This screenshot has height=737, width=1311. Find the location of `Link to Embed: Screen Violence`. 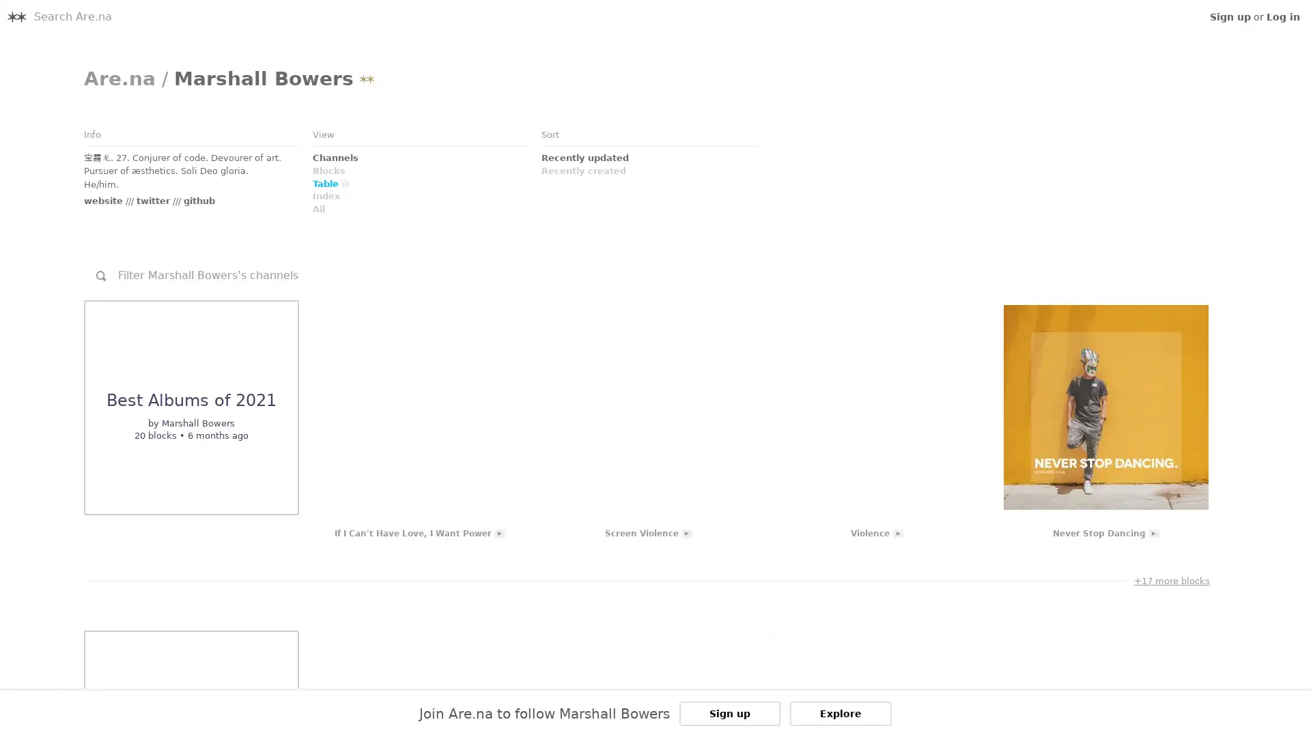

Link to Embed: Screen Violence is located at coordinates (647, 406).